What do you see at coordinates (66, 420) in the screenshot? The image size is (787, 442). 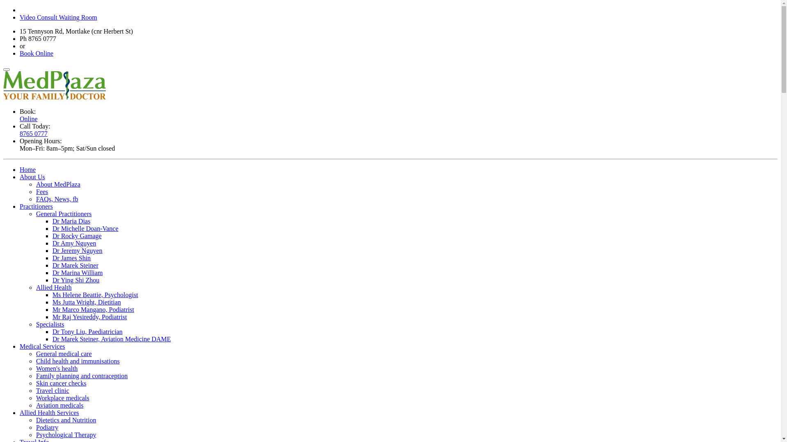 I see `'Dietetics and Nutrition'` at bounding box center [66, 420].